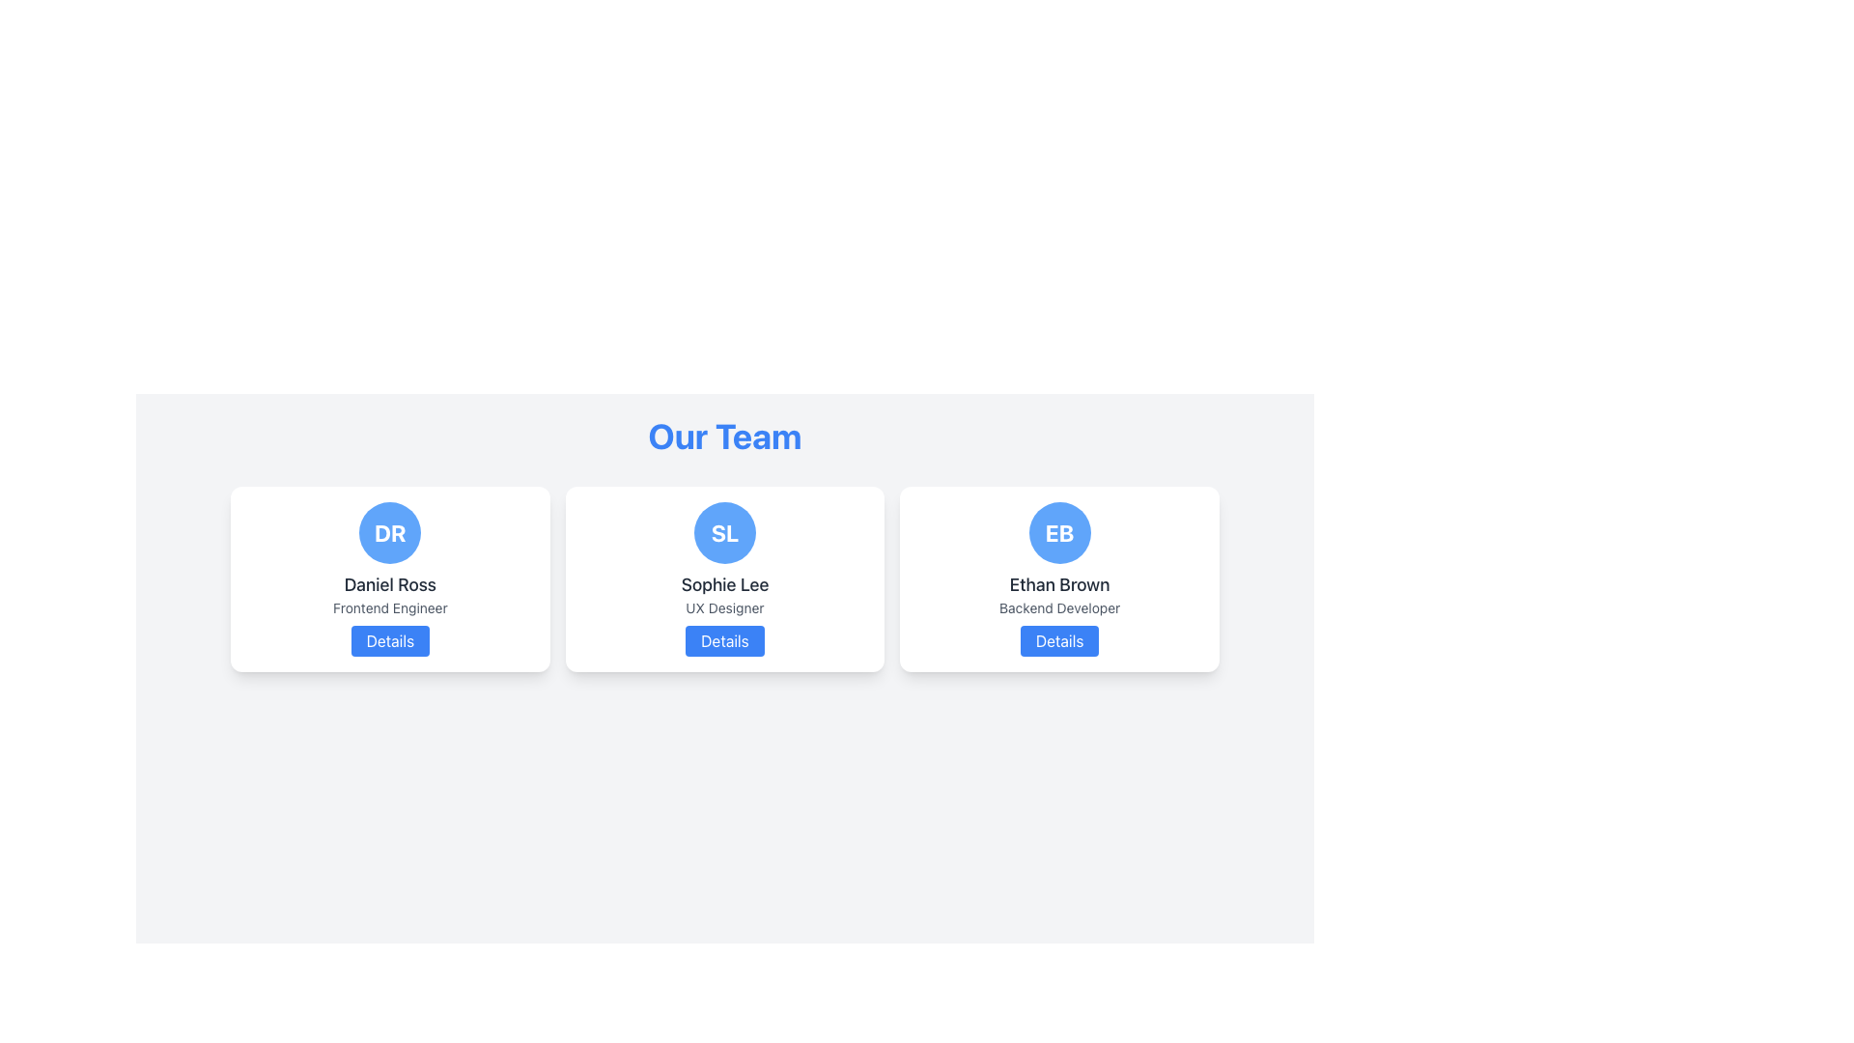 This screenshot has height=1043, width=1854. I want to click on the button located within the card displaying details for 'Ethan Brown', the 'Backend Developer', so click(1058, 640).